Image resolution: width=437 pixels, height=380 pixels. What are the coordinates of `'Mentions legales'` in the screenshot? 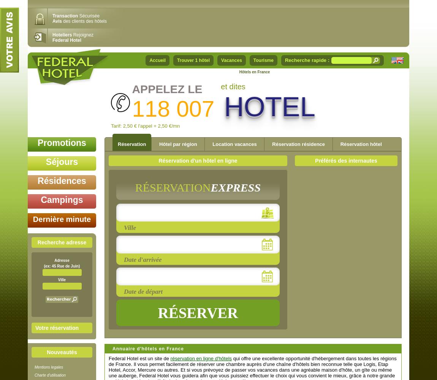 It's located at (48, 367).